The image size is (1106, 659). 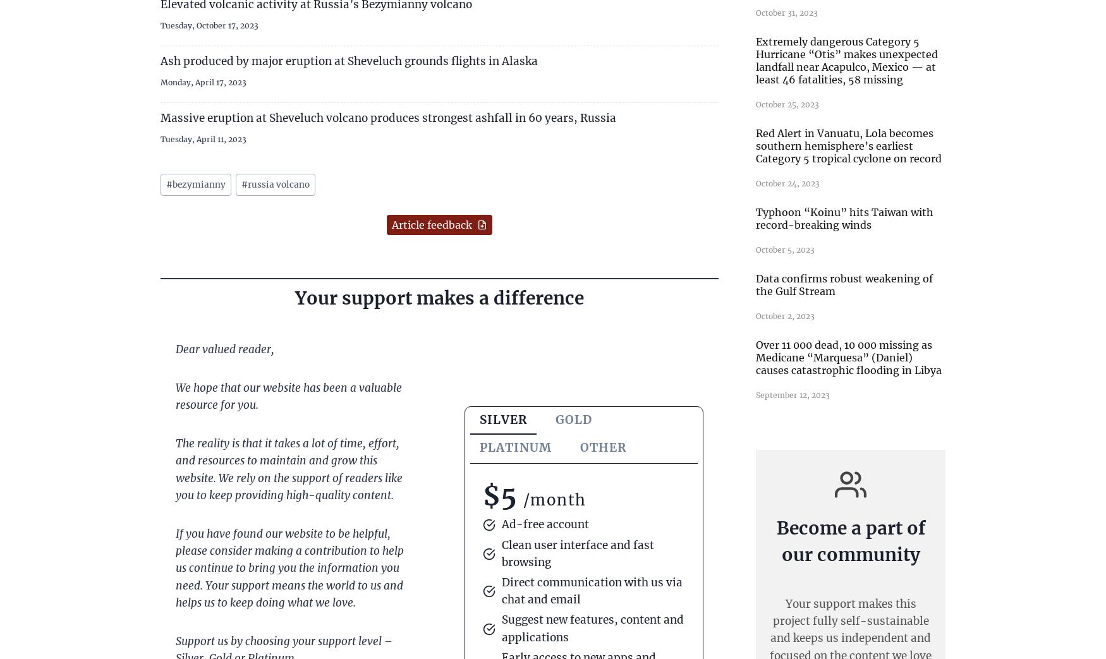 I want to click on 'The reality is that it takes a lot of time, effort, and resources to maintain and grow this website. We rely on the support of readers like you to keep providing high-quality content.', so click(x=289, y=469).